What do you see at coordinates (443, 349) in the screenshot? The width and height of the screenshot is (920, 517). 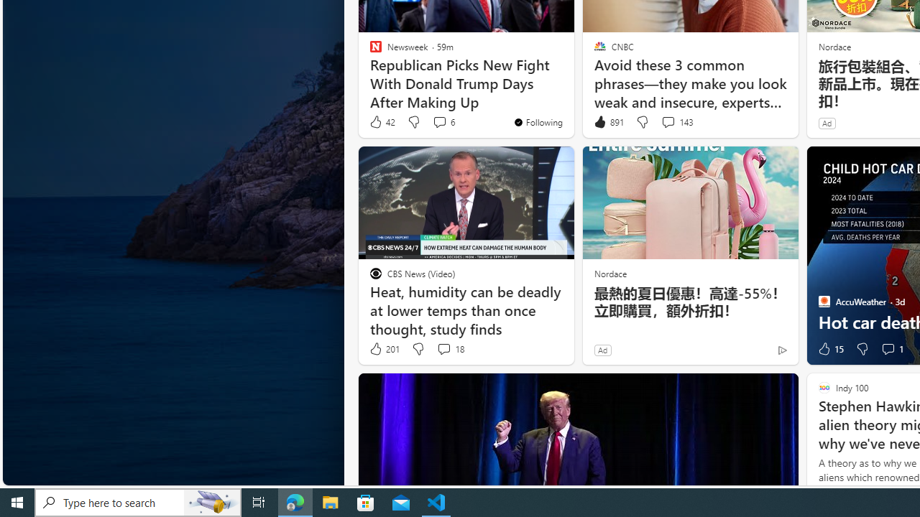 I see `'View comments 18 Comment'` at bounding box center [443, 349].